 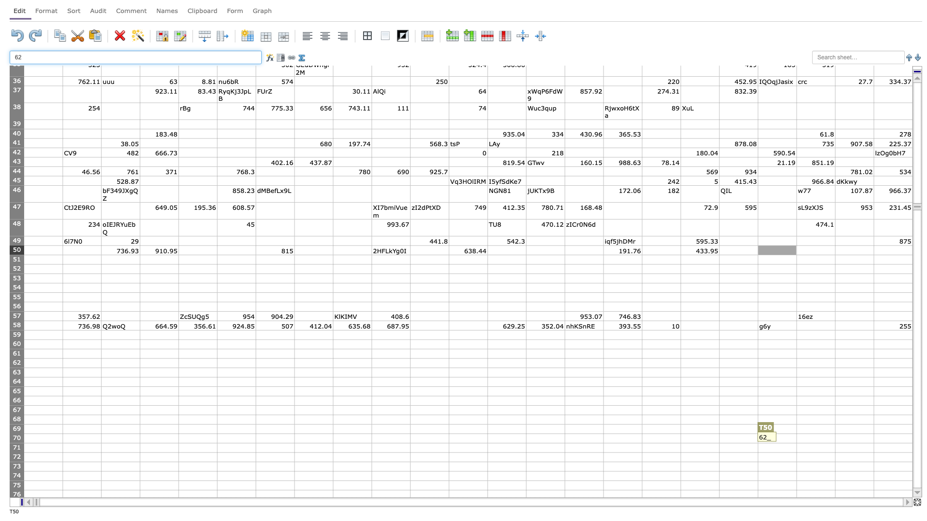 What do you see at coordinates (912, 443) in the screenshot?
I see `fill handle of W70` at bounding box center [912, 443].